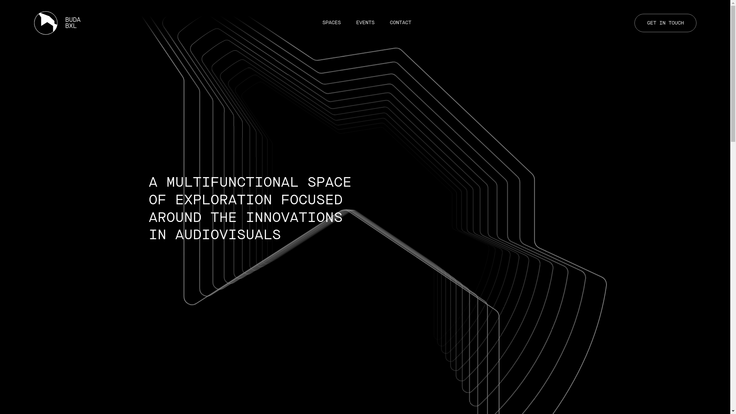 This screenshot has width=736, height=414. What do you see at coordinates (331, 22) in the screenshot?
I see `'SPACES'` at bounding box center [331, 22].